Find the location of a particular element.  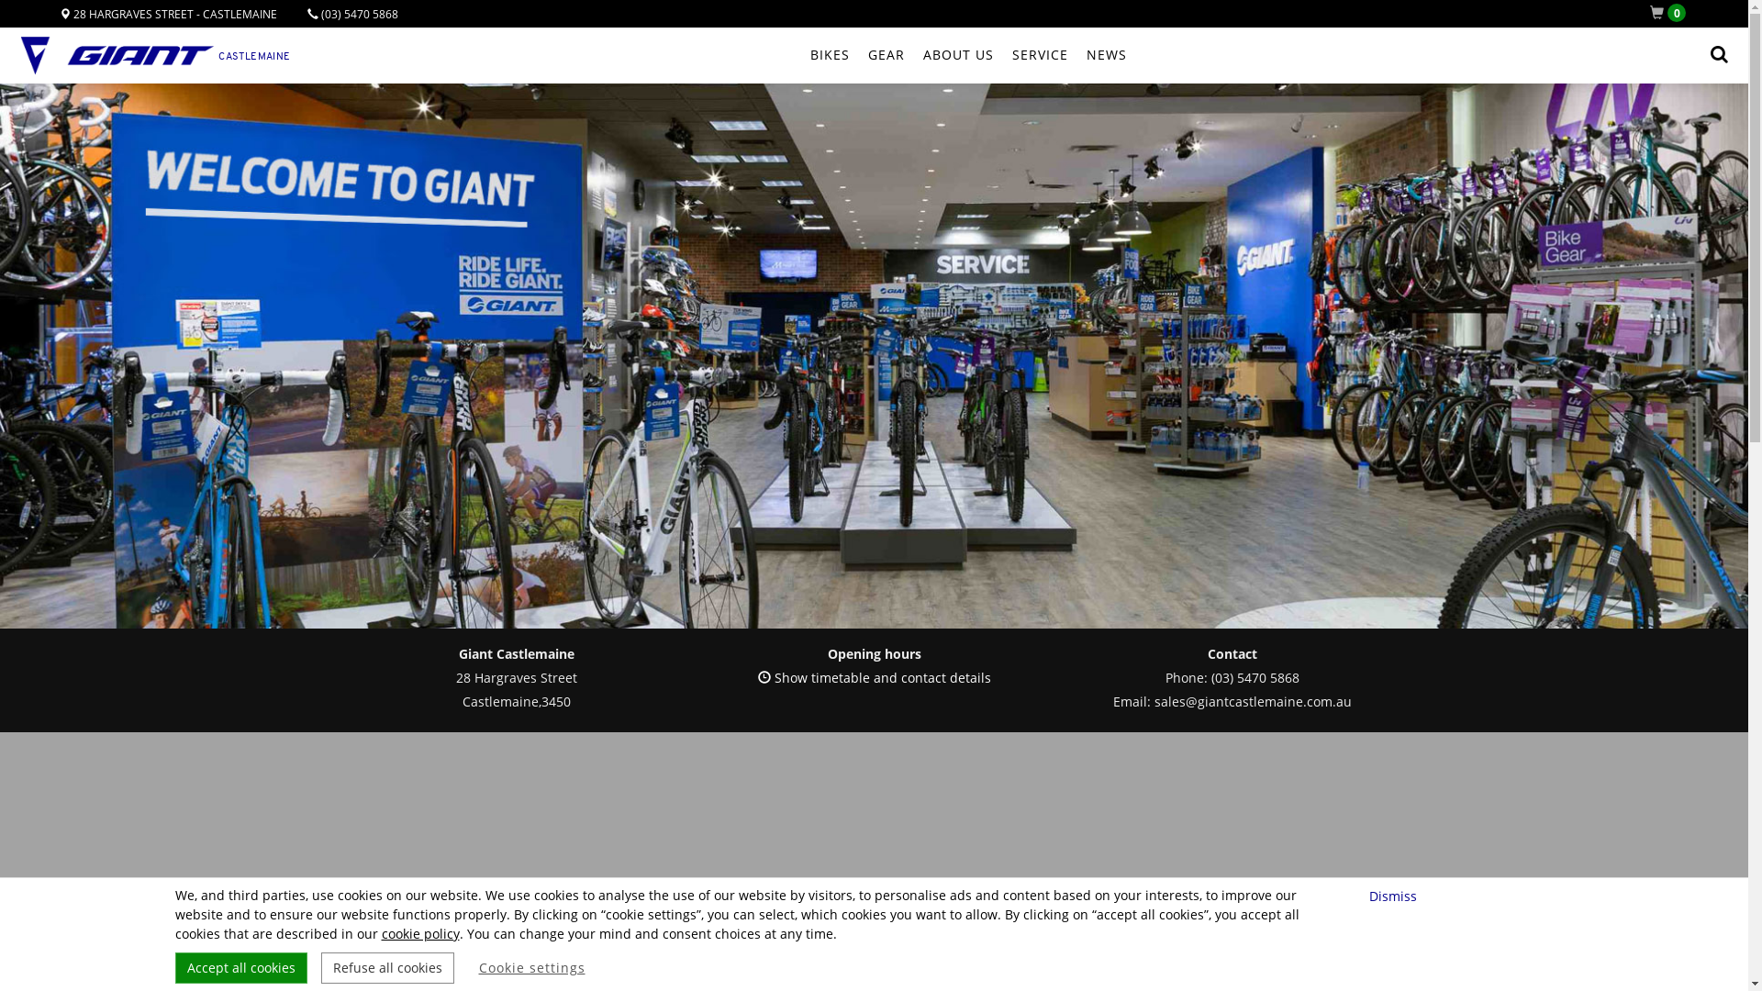

'SERVICE' is located at coordinates (1039, 54).